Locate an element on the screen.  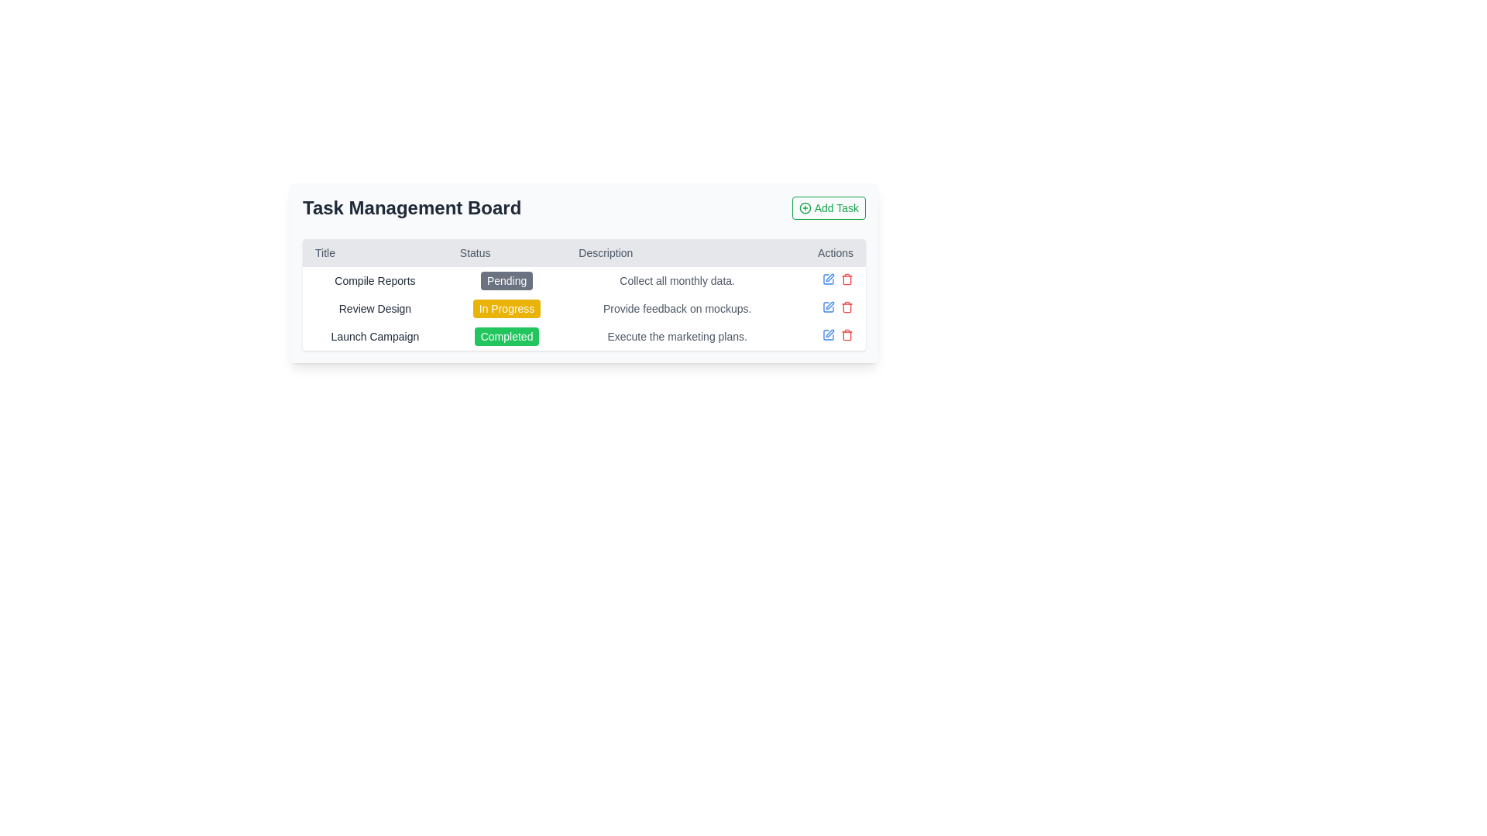
the 'Description' text label for the 'Review Design' task located in the third column is located at coordinates (677, 308).